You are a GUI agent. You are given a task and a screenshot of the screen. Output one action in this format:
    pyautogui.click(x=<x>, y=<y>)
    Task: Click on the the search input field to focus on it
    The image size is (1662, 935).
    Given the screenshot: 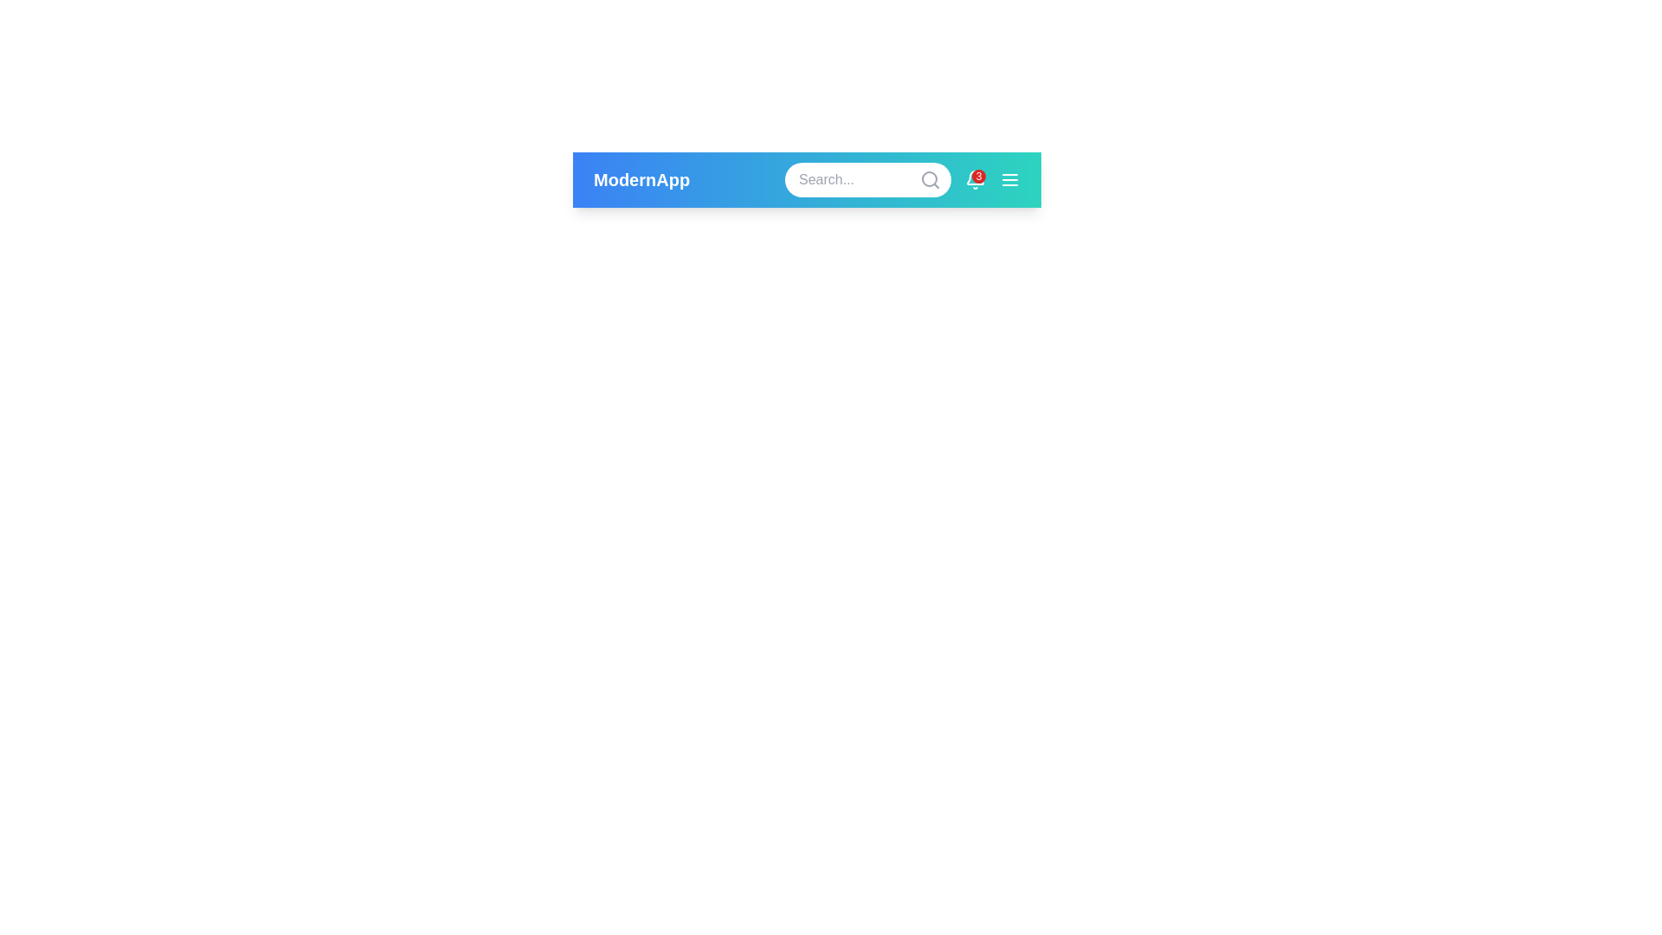 What is the action you would take?
    pyautogui.click(x=868, y=180)
    